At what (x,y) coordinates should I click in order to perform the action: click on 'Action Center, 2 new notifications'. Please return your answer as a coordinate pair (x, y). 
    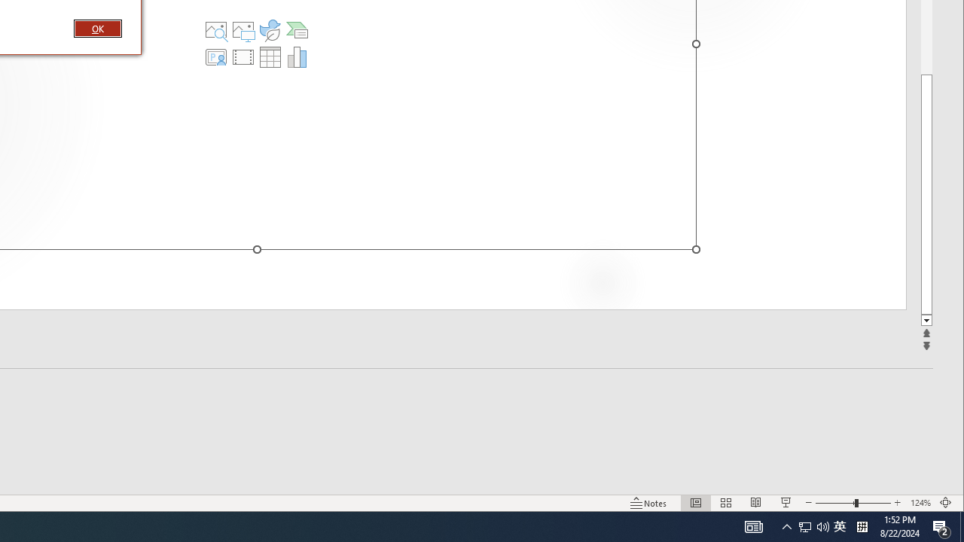
    Looking at the image, I should click on (941, 525).